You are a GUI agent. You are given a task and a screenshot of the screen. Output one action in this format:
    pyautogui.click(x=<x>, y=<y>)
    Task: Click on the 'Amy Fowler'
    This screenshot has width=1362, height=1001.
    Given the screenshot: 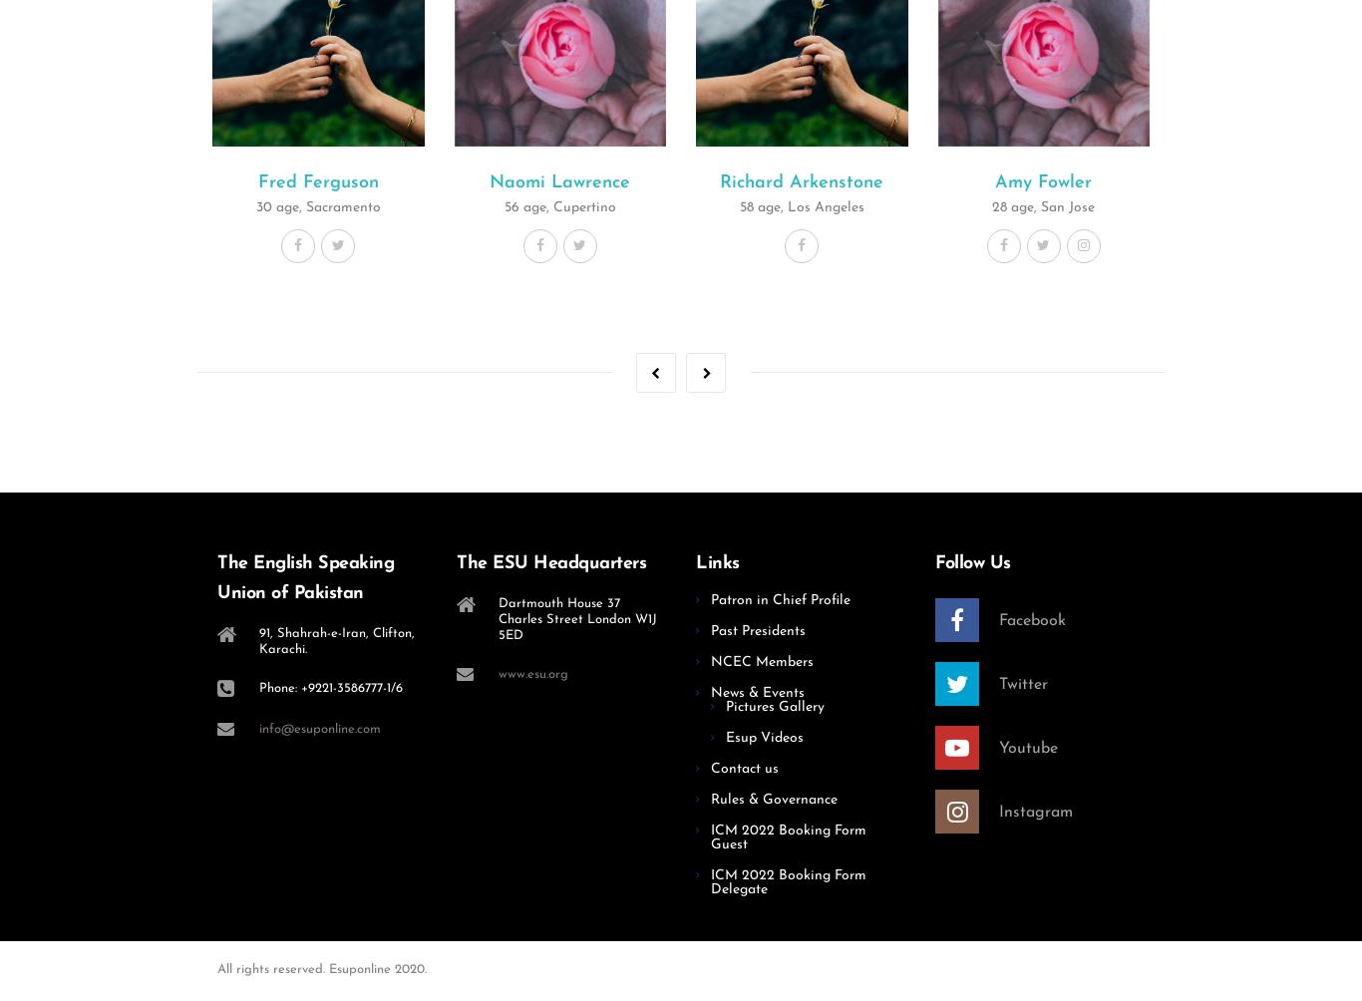 What is the action you would take?
    pyautogui.click(x=1042, y=180)
    